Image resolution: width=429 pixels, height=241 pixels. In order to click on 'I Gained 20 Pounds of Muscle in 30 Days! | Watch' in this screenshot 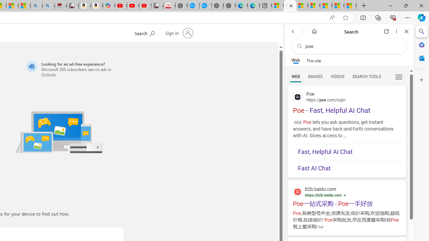, I will do `click(338, 6)`.